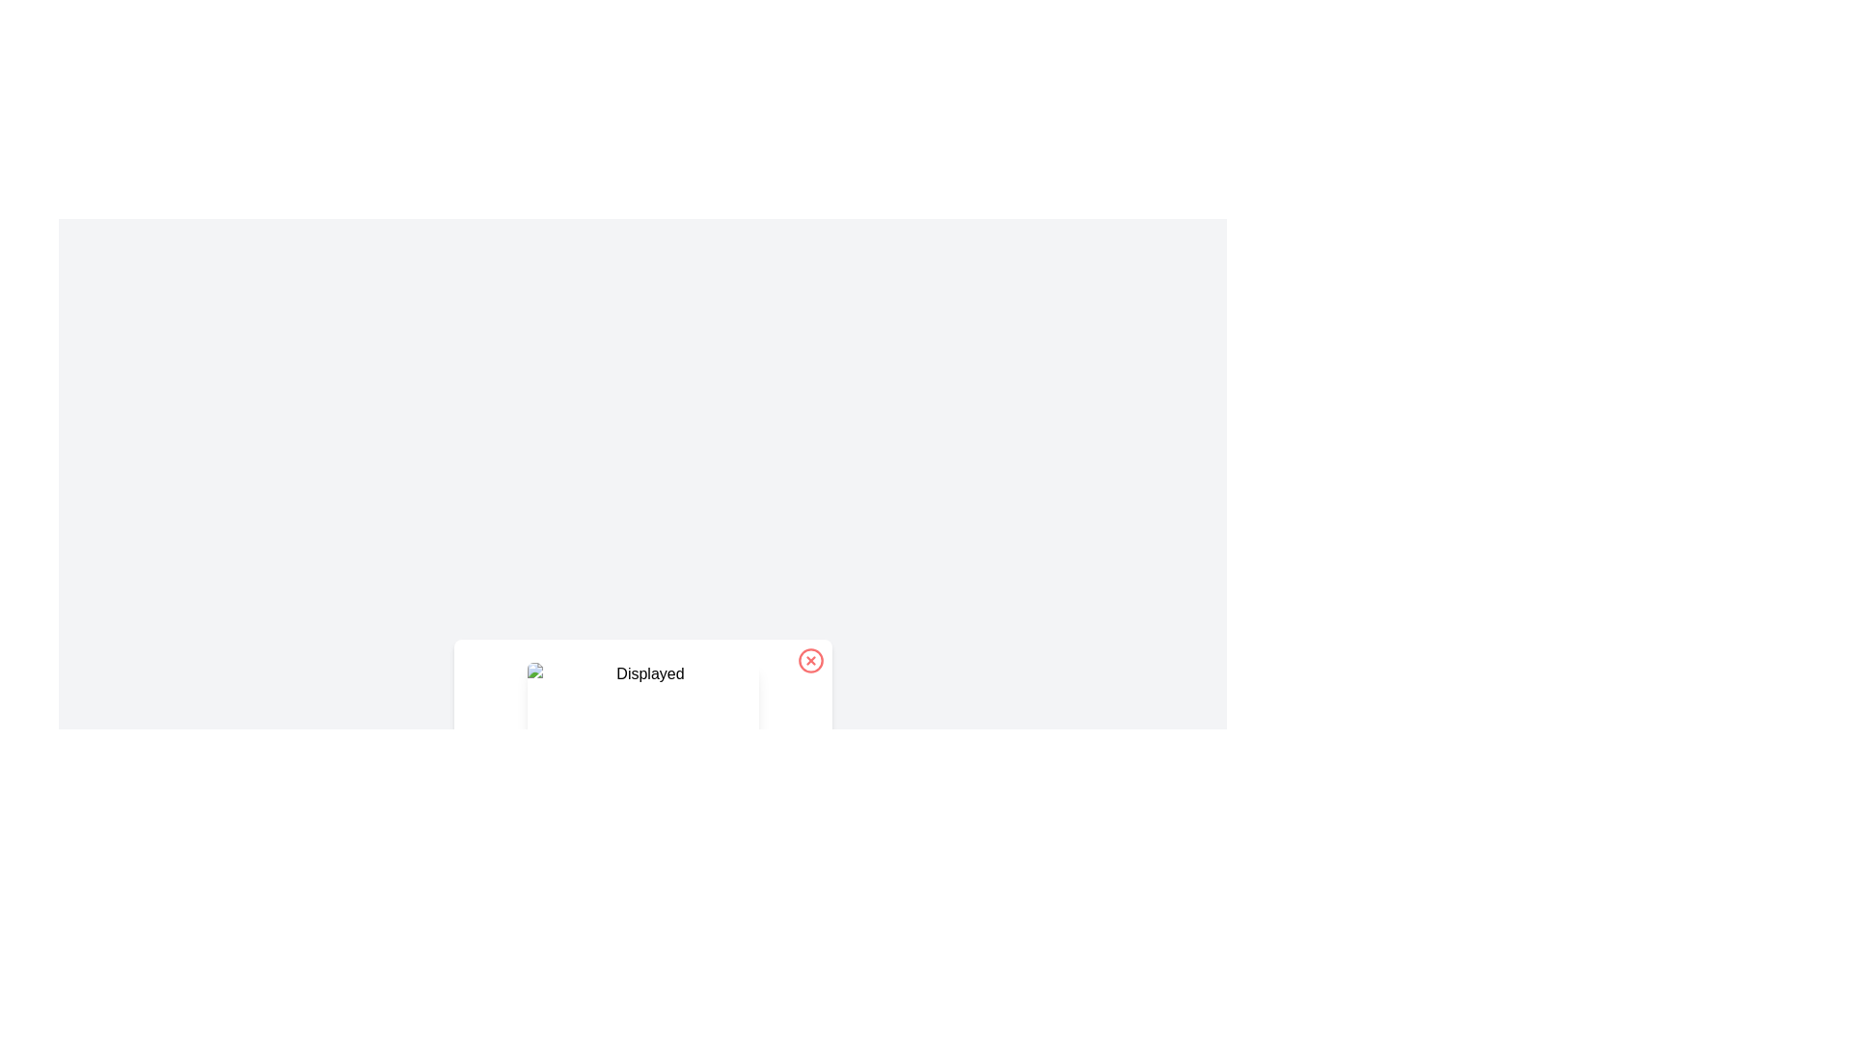 The width and height of the screenshot is (1852, 1042). Describe the element at coordinates (494, 739) in the screenshot. I see `the navigational button on the far left of the interface` at that location.